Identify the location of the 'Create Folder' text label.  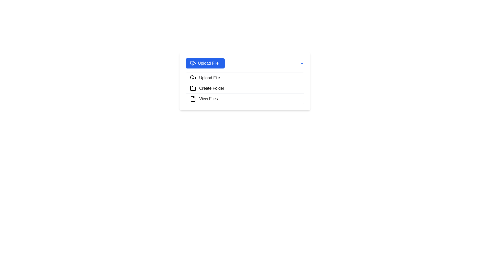
(211, 88).